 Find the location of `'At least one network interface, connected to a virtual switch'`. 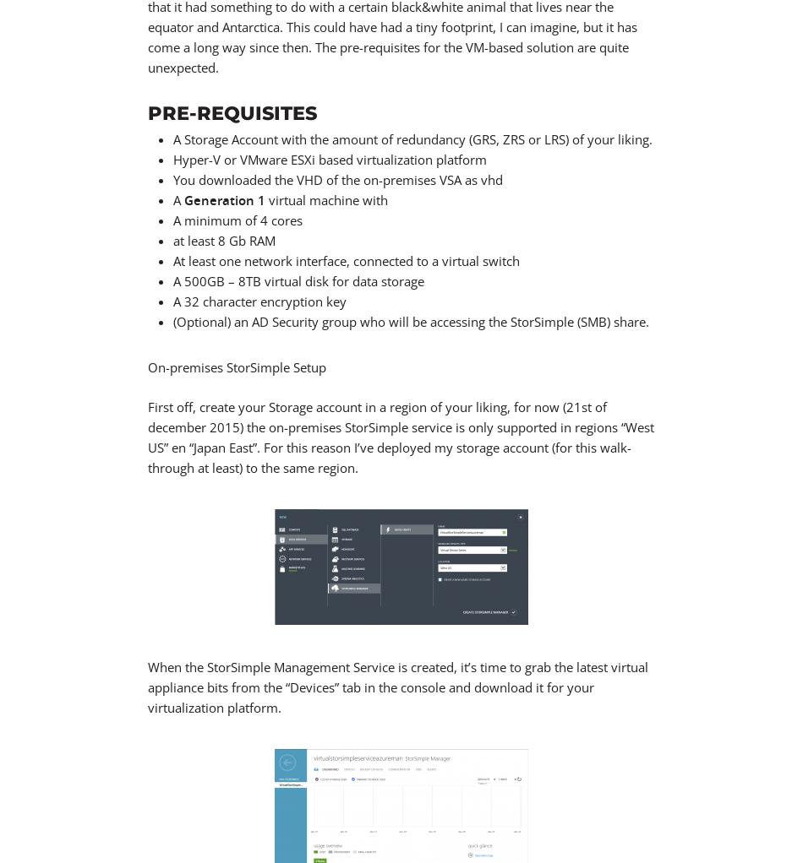

'At least one network interface, connected to a virtual switch' is located at coordinates (173, 259).